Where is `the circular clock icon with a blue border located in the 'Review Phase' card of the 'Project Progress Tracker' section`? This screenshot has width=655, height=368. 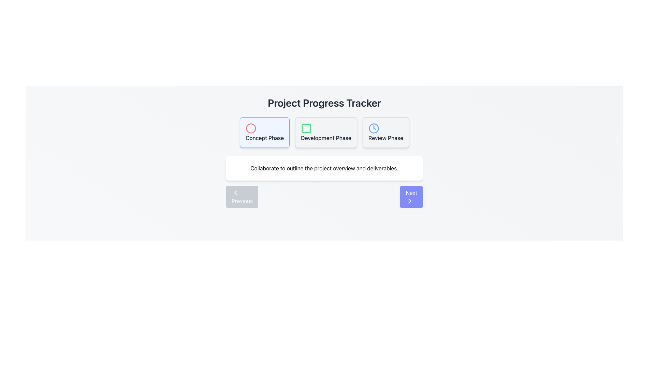
the circular clock icon with a blue border located in the 'Review Phase' card of the 'Project Progress Tracker' section is located at coordinates (373, 128).